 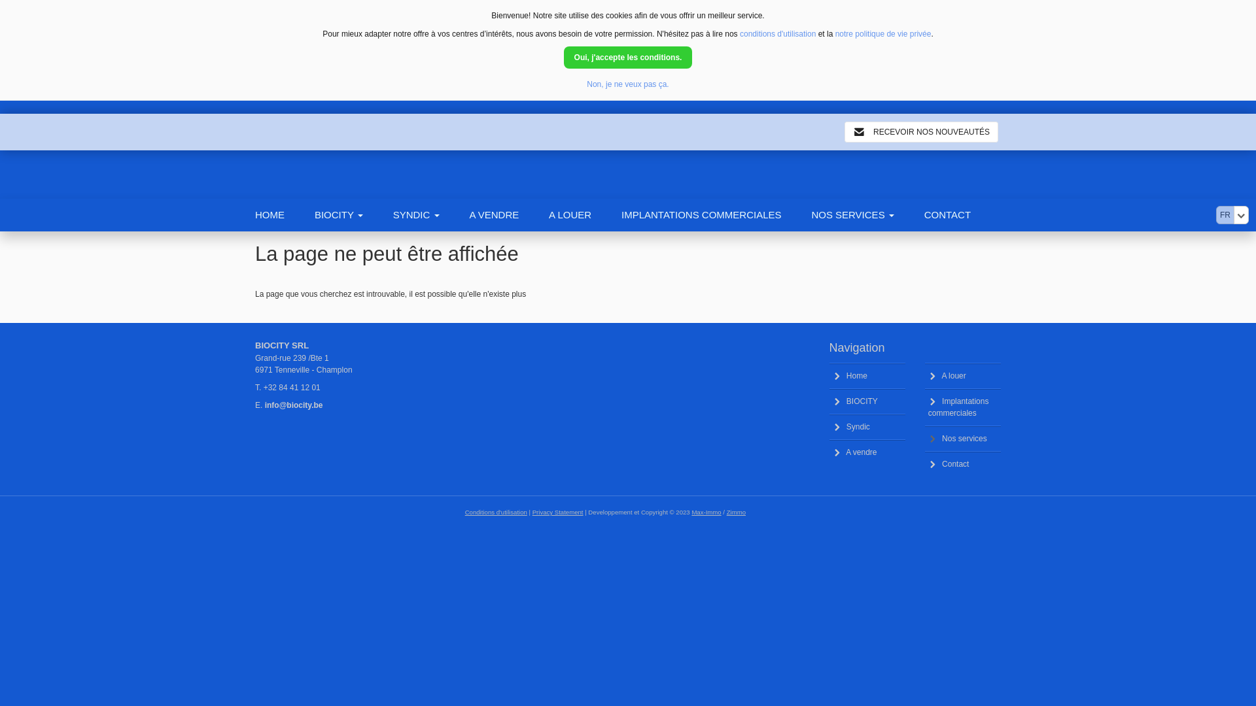 I want to click on 'A VENDRE', so click(x=508, y=214).